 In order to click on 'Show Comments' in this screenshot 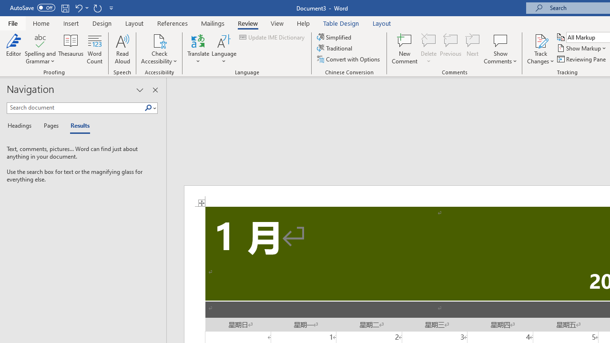, I will do `click(500, 49)`.